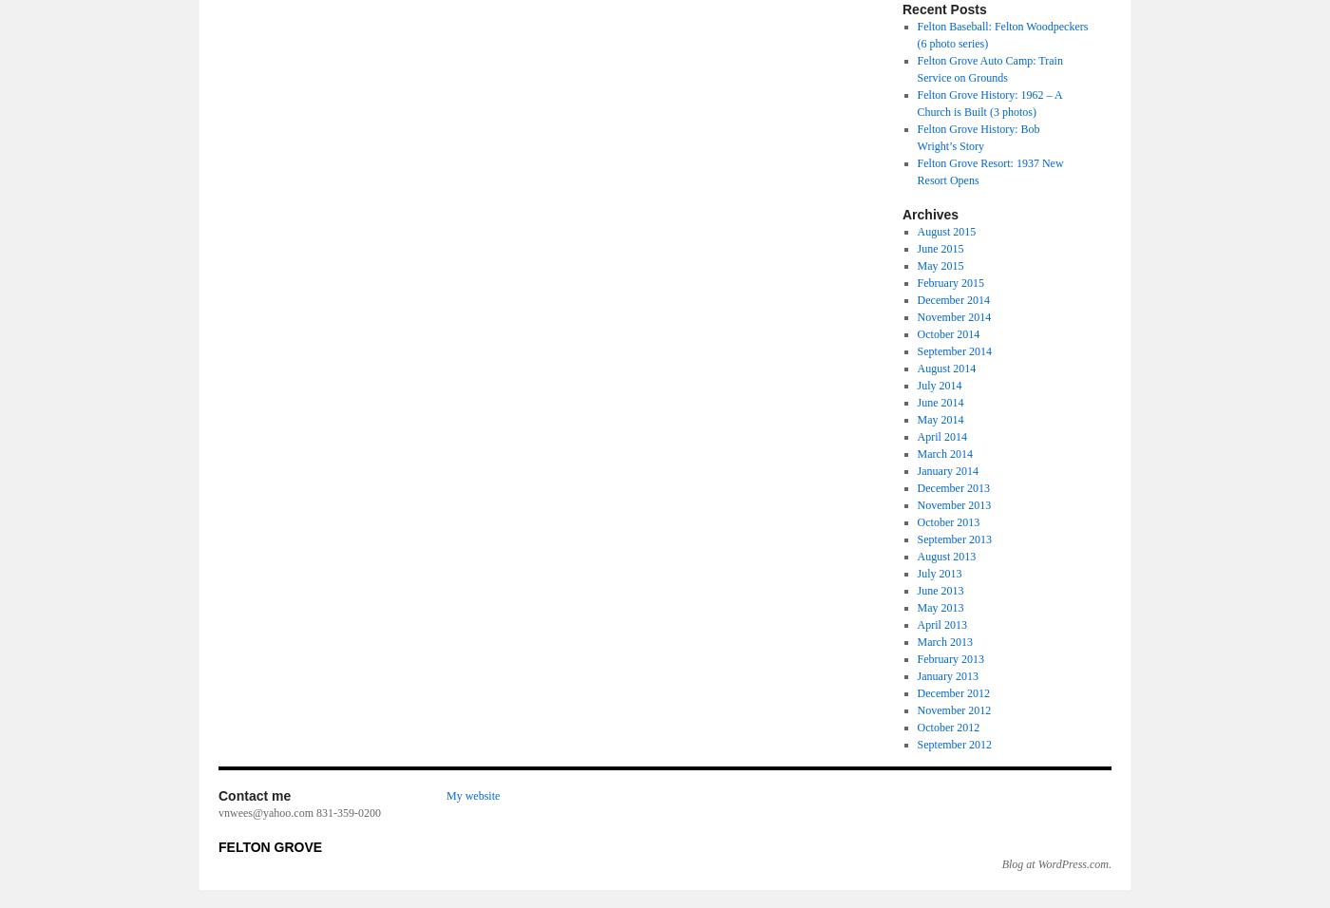 This screenshot has width=1330, height=908. I want to click on 'Felton Baseball: Felton Woodpeckers (6 photo series)', so click(1002, 33).